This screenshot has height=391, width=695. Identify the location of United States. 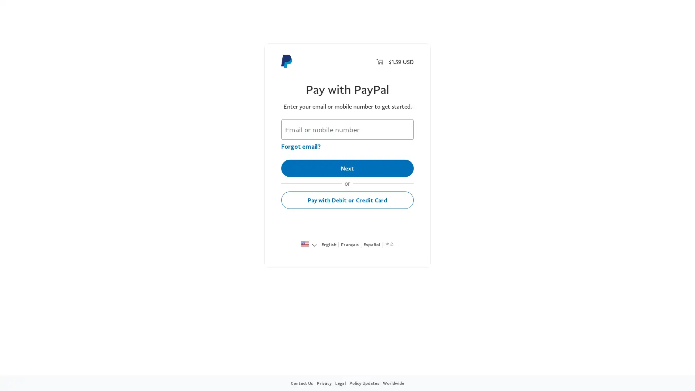
(304, 245).